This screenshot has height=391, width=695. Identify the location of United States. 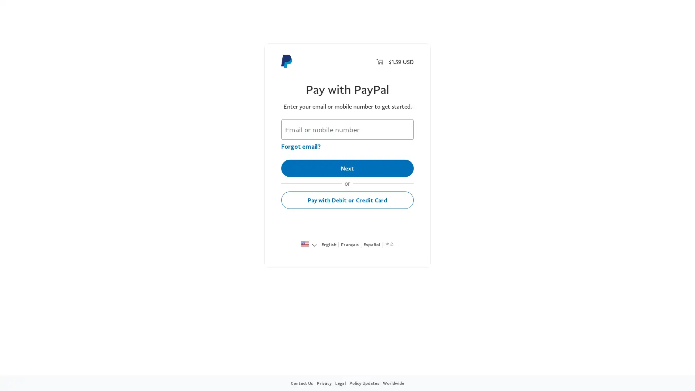
(304, 245).